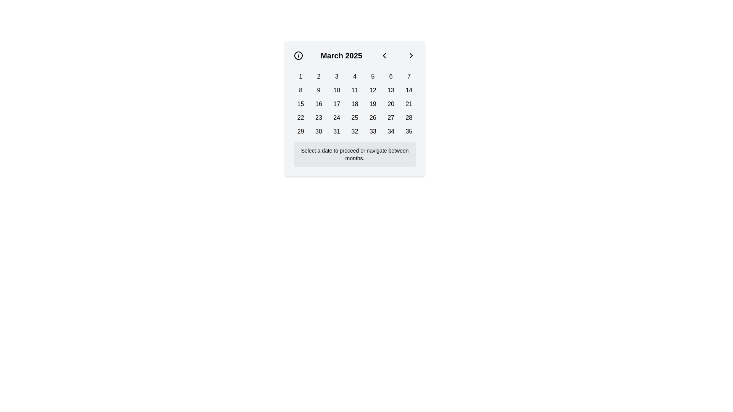 This screenshot has width=733, height=412. Describe the element at coordinates (373, 131) in the screenshot. I see `the button labeled '33' in the calendar grid` at that location.